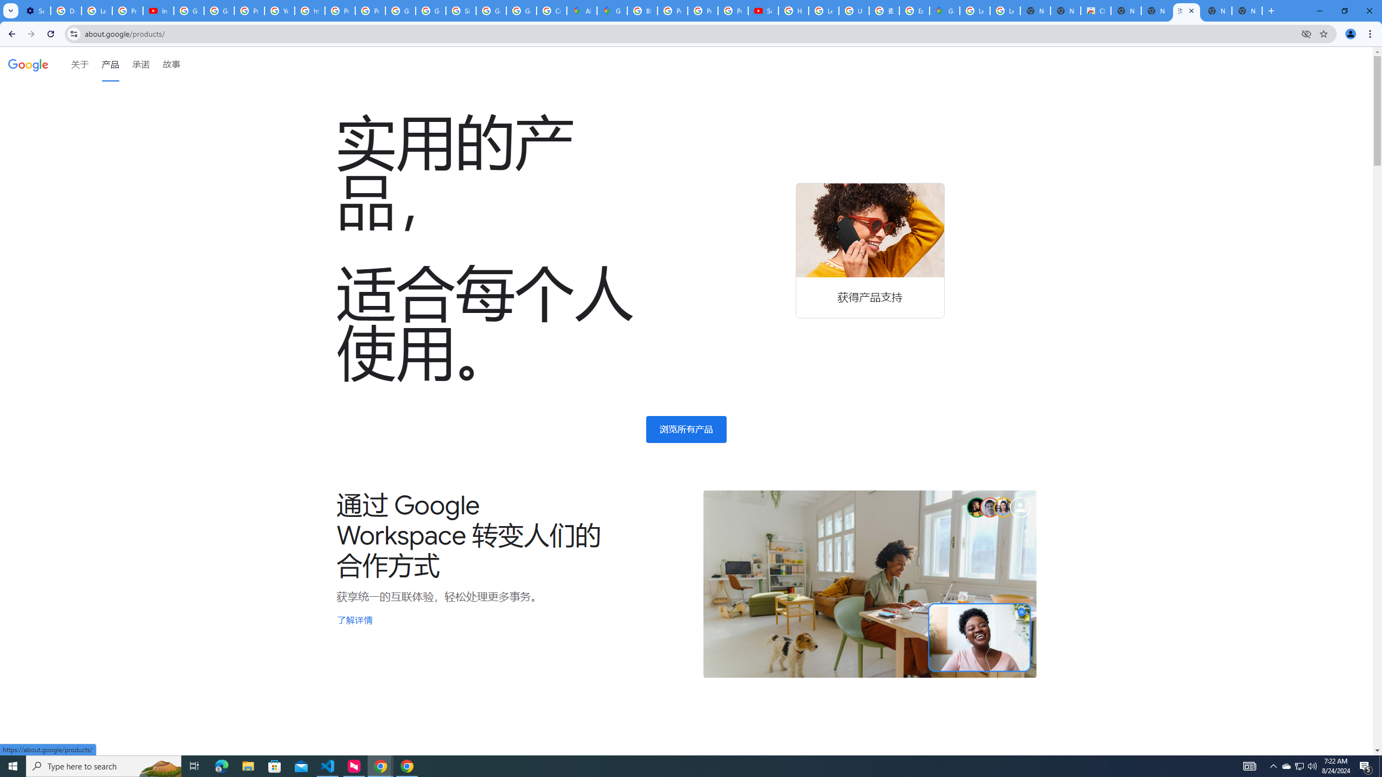  What do you see at coordinates (763, 10) in the screenshot?
I see `'Subscriptions - YouTube'` at bounding box center [763, 10].